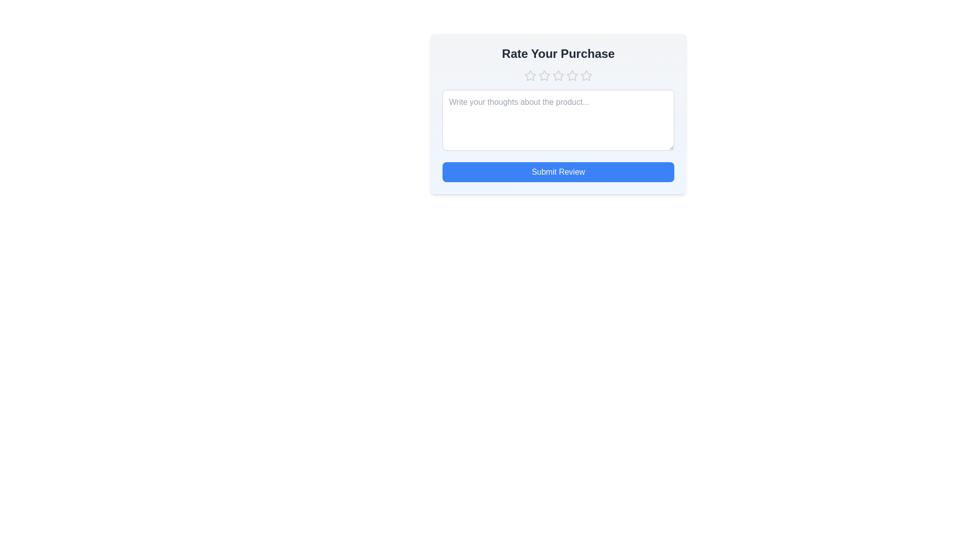 This screenshot has height=539, width=959. Describe the element at coordinates (558, 171) in the screenshot. I see `the 'Submit Review' button to submit the review` at that location.